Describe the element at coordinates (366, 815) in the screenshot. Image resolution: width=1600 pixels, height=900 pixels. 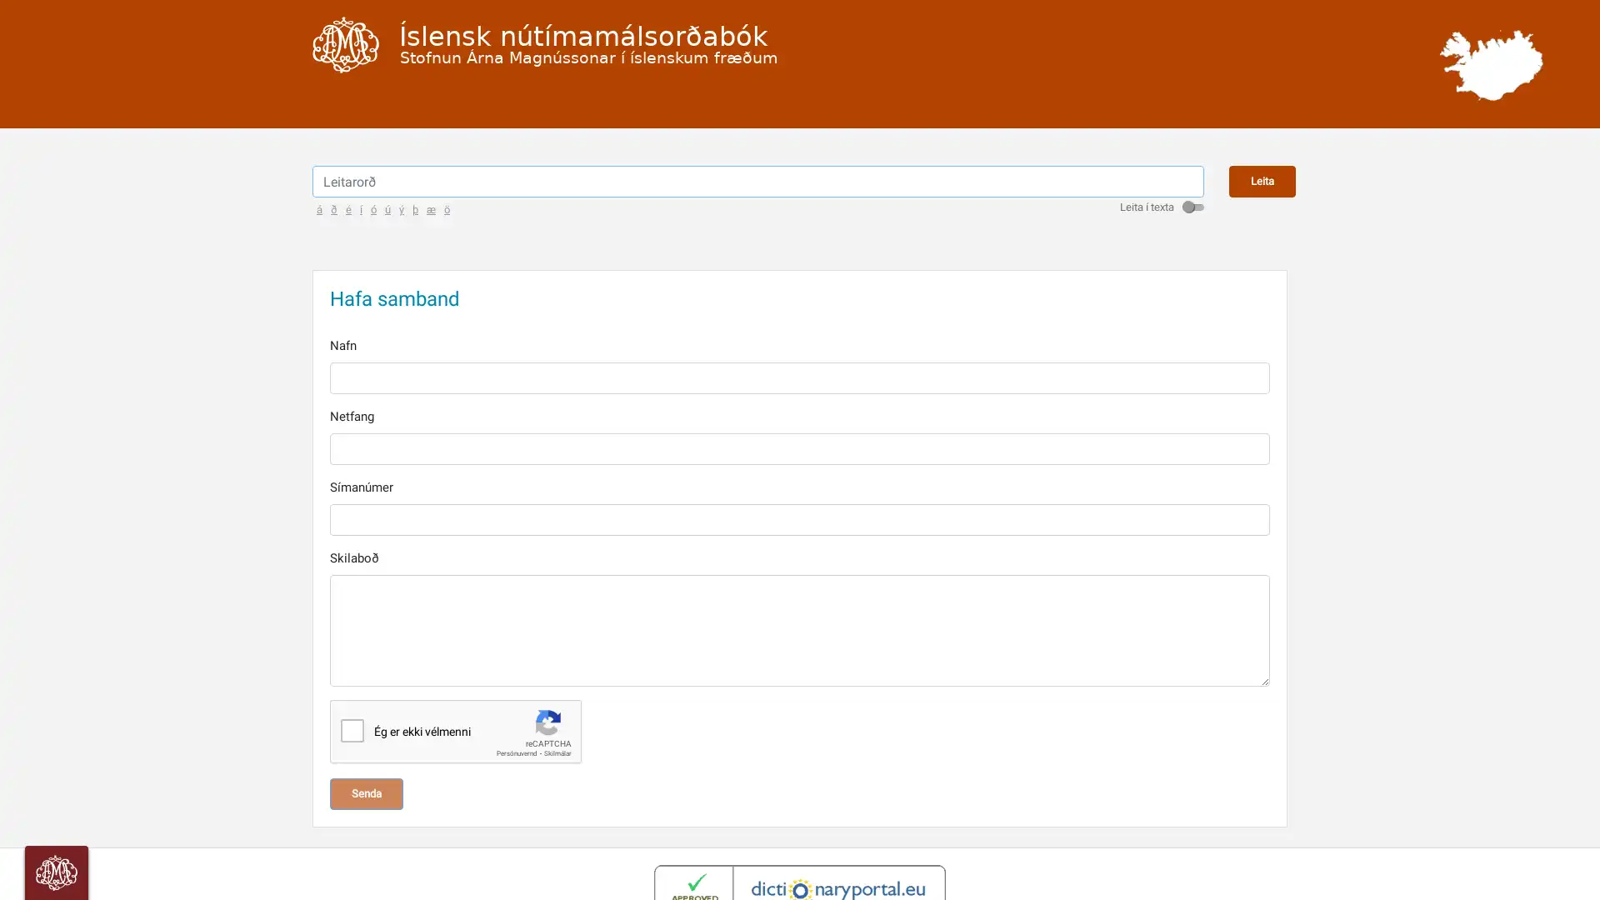
I see `Senda` at that location.